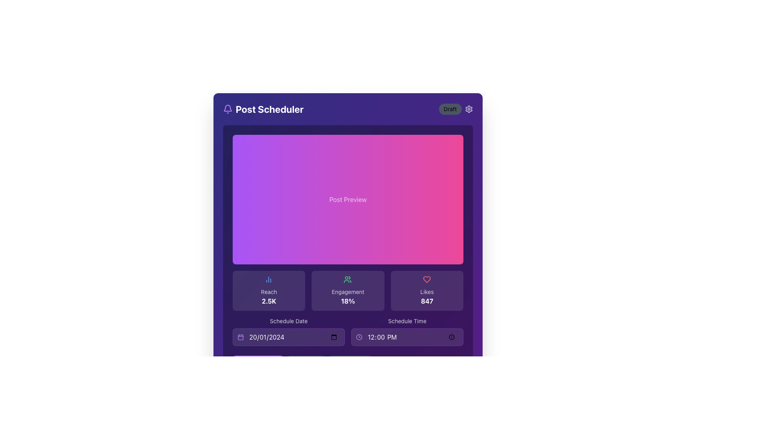 The width and height of the screenshot is (769, 432). Describe the element at coordinates (348, 301) in the screenshot. I see `the displayed percentage '18%' which is bold white text on a purple background, located below a green icon and a label text 'Engagement'` at that location.